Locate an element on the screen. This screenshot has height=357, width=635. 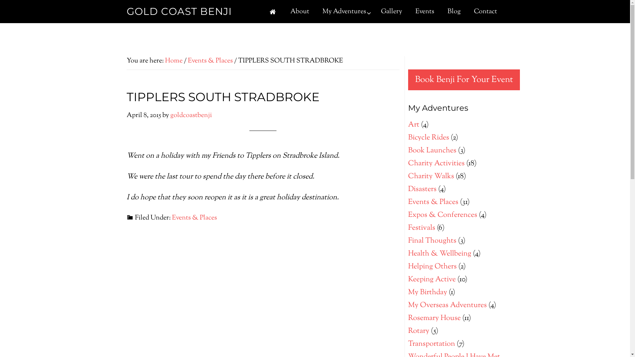
'Expos & Conferences' is located at coordinates (443, 215).